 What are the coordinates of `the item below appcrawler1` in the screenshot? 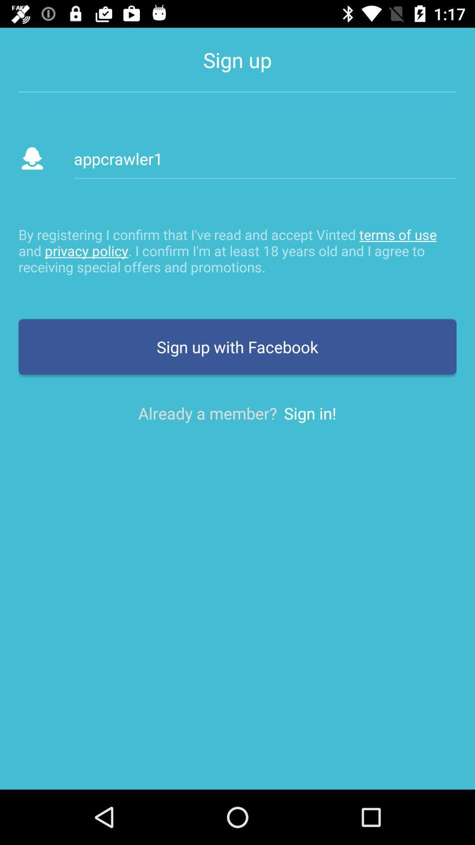 It's located at (237, 250).